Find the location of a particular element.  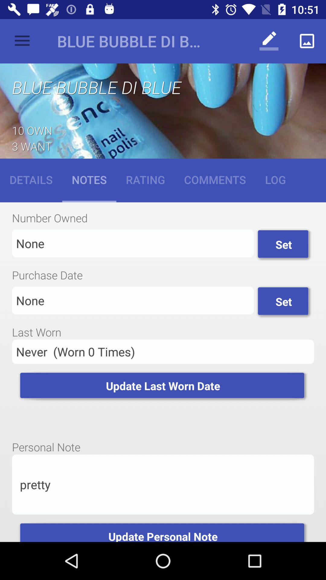

app above update personal note item is located at coordinates (163, 484).